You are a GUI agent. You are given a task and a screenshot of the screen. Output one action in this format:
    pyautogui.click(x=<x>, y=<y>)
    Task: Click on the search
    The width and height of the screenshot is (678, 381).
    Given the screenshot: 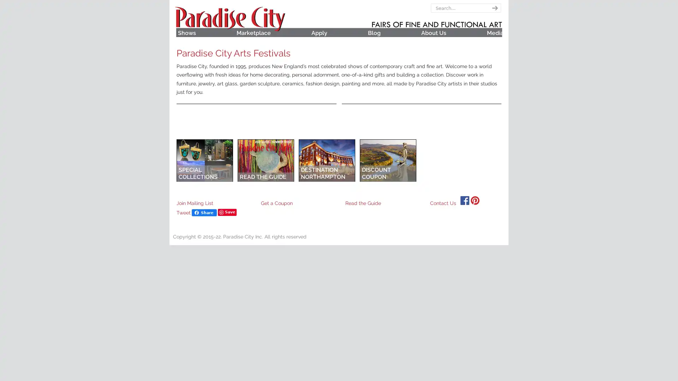 What is the action you would take?
    pyautogui.click(x=493, y=8)
    